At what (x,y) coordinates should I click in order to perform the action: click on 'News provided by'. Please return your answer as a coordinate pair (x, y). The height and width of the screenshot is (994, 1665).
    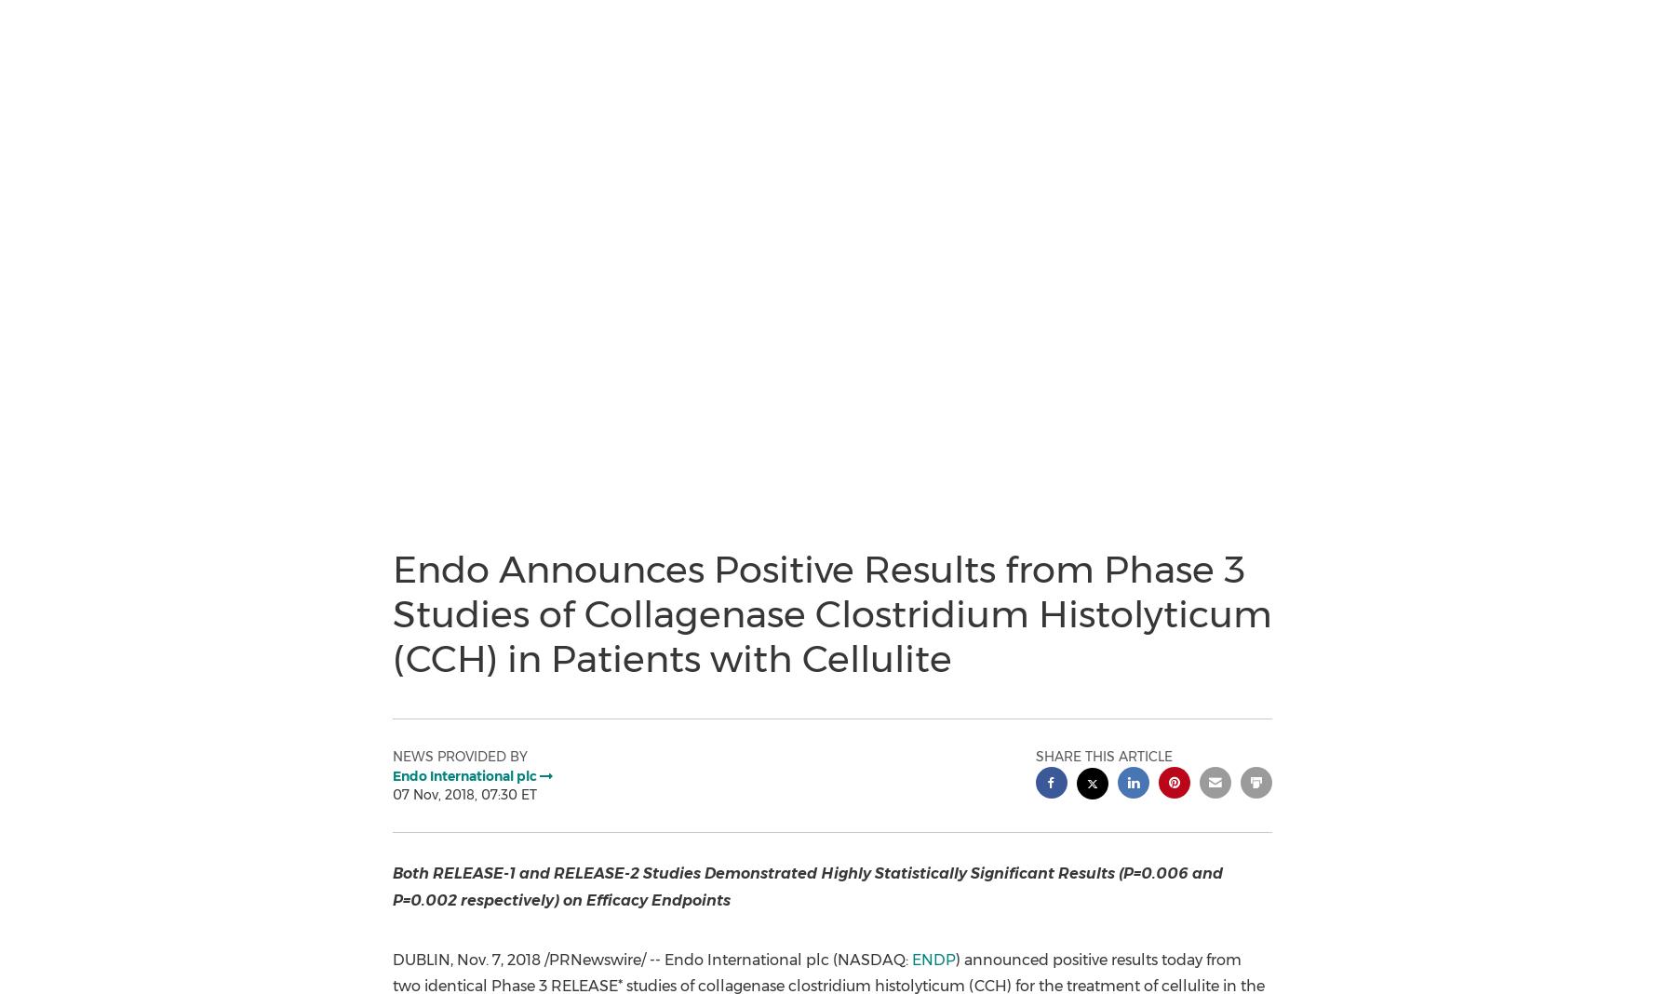
    Looking at the image, I should click on (459, 755).